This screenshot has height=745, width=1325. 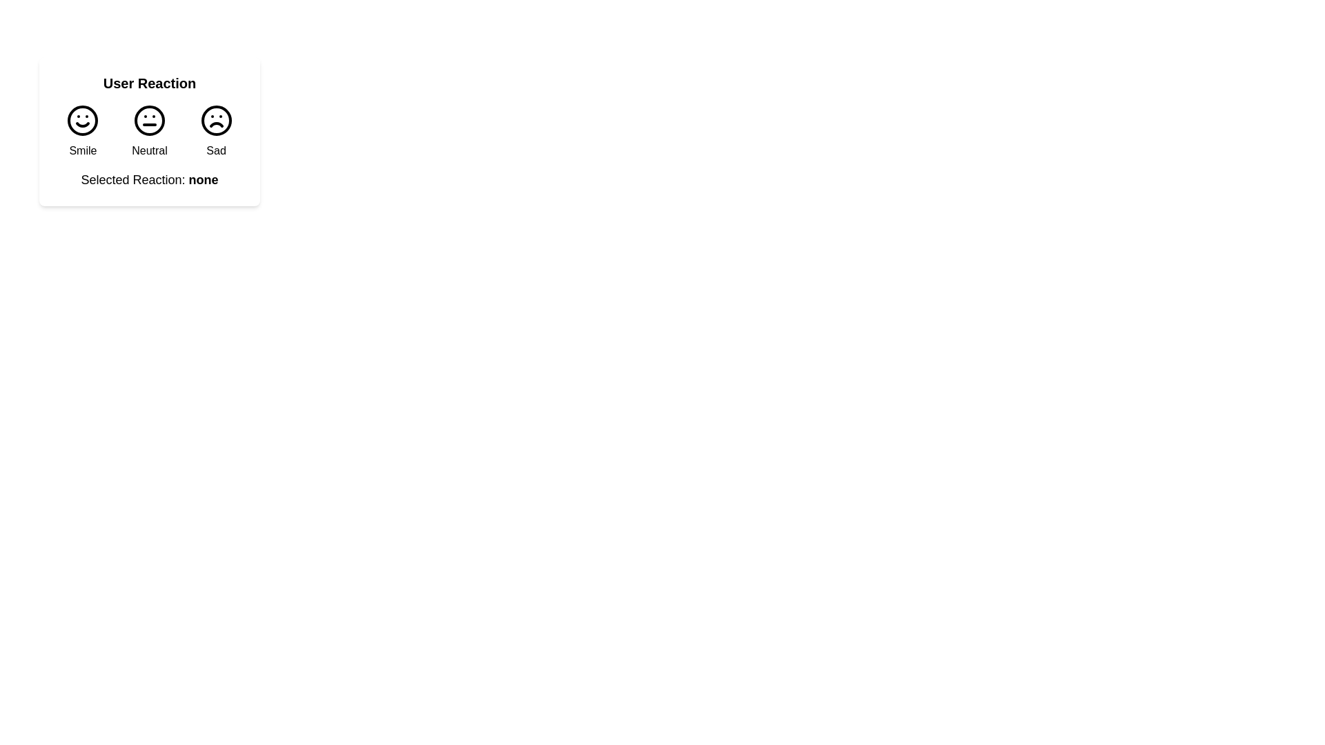 What do you see at coordinates (82, 119) in the screenshot?
I see `the main boundary circle of the smiley face icon` at bounding box center [82, 119].